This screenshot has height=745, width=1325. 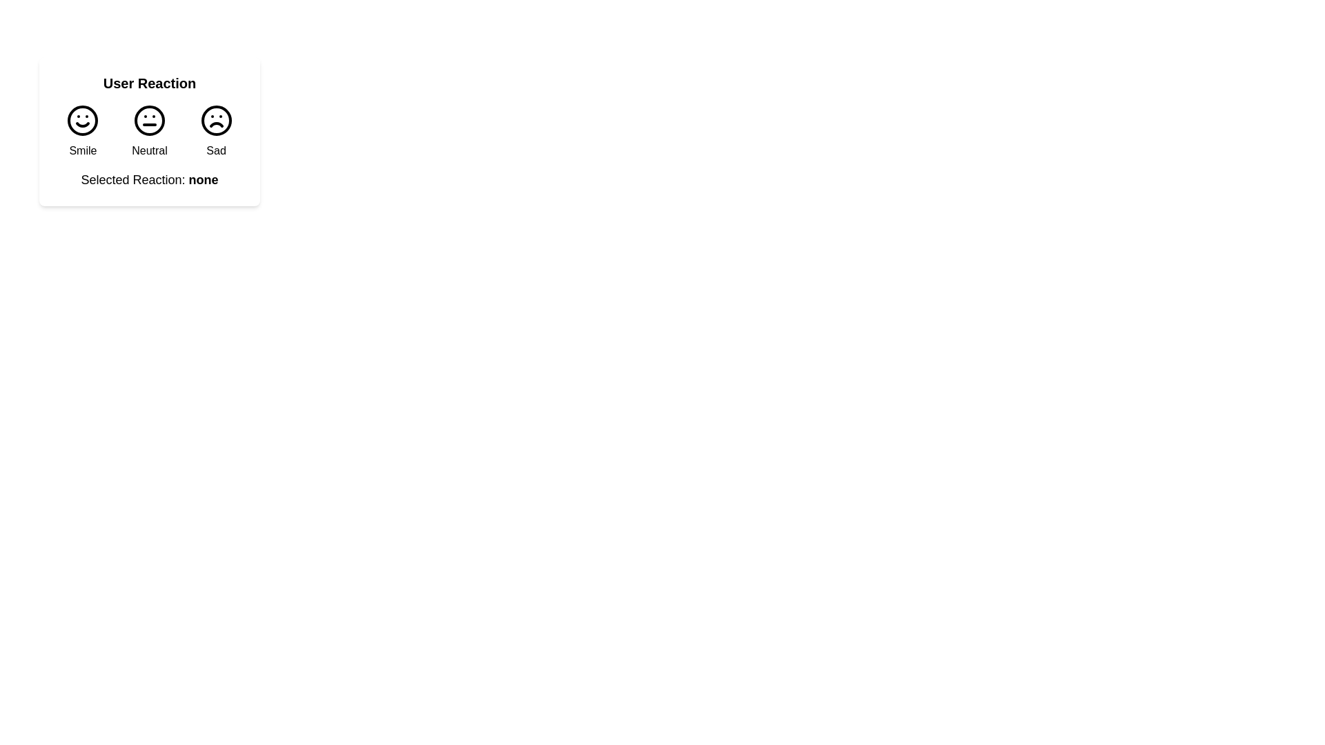 What do you see at coordinates (82, 119) in the screenshot?
I see `the main boundary circle of the smiley face icon` at bounding box center [82, 119].